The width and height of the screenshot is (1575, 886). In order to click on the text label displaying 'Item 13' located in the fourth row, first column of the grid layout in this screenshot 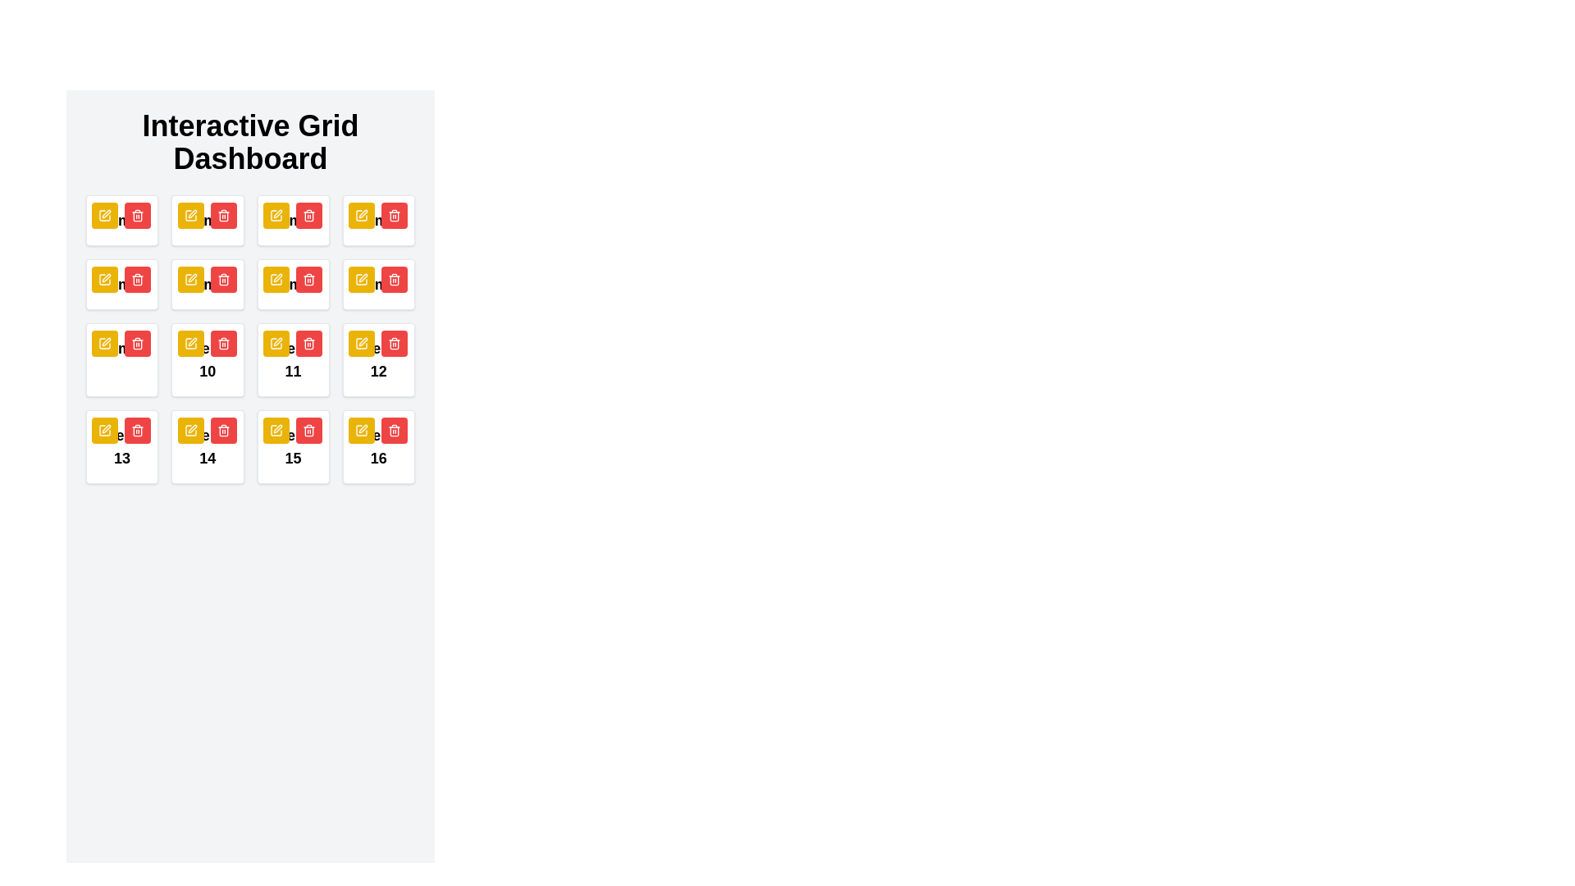, I will do `click(121, 446)`.